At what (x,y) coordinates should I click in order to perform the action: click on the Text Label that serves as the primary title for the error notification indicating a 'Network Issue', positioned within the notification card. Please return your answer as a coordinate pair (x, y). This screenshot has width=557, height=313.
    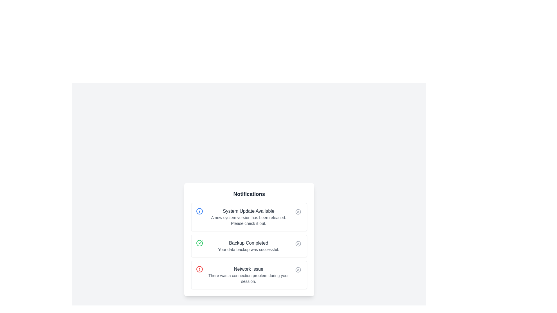
    Looking at the image, I should click on (249, 269).